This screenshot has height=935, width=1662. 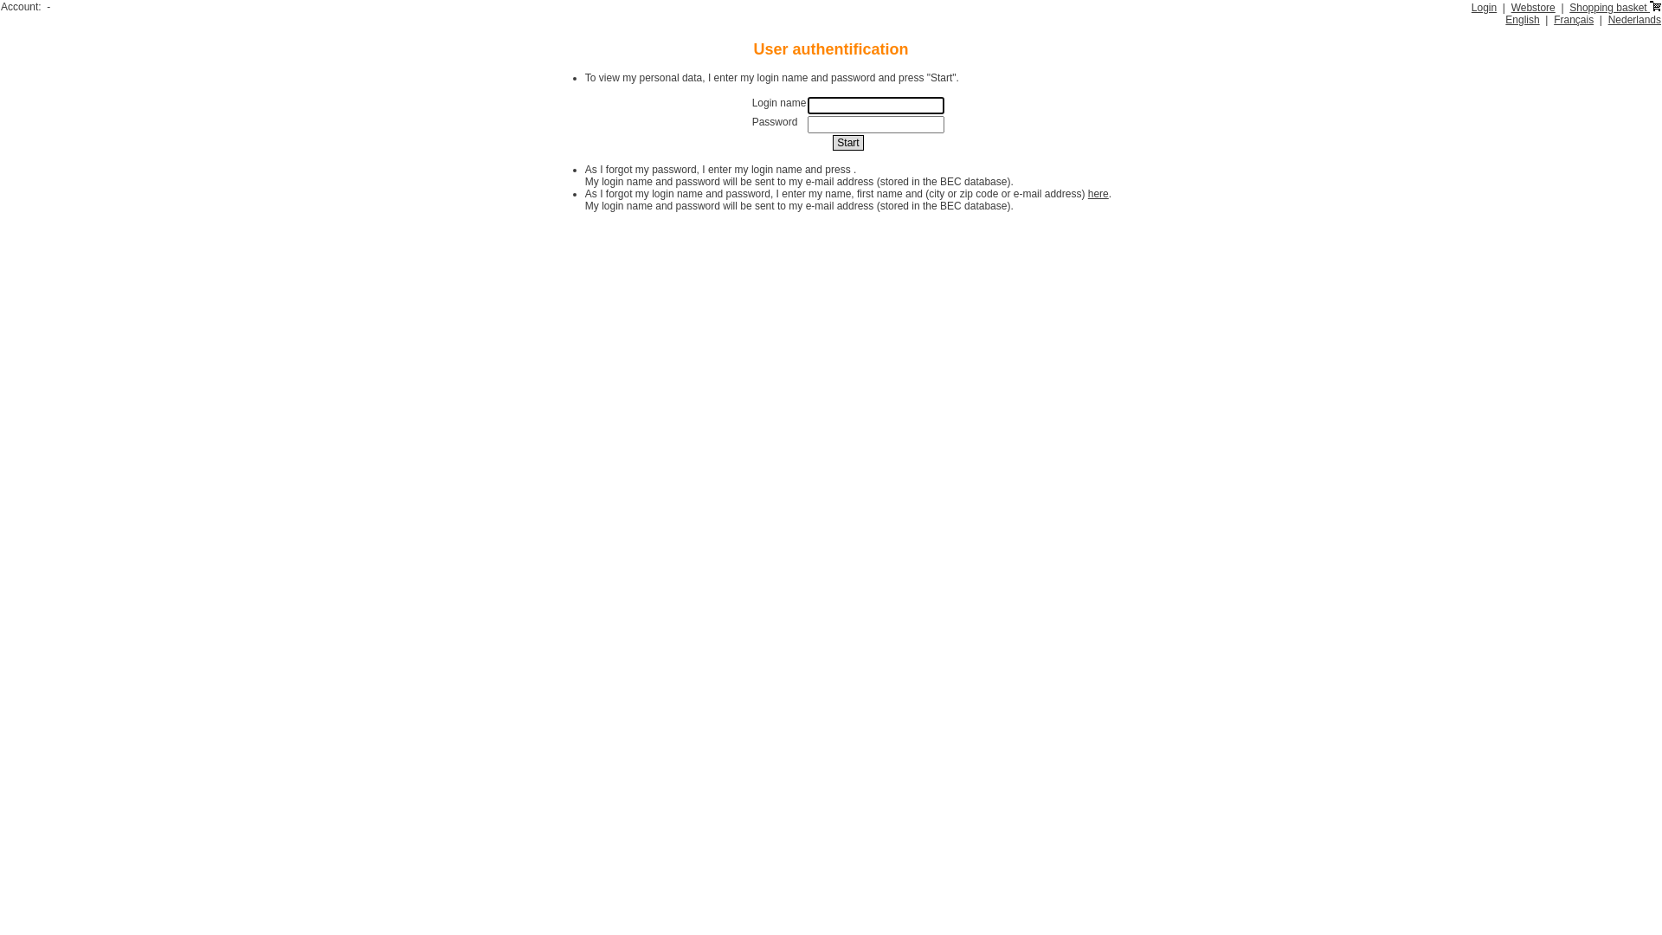 I want to click on 'English', so click(x=1504, y=20).